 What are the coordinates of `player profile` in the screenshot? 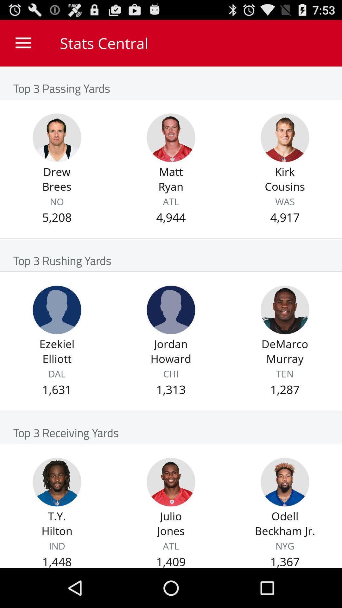 It's located at (57, 137).